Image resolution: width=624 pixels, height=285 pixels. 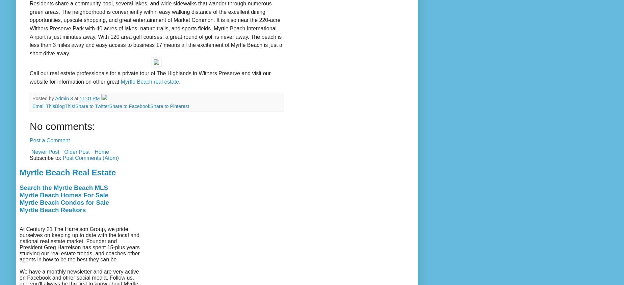 I want to click on 'Residents share a community pool, several lakes, and wide sidewalks that wander through numerous green areas. The neighborhood is conveniently within easy walking distance of the excellent dining opportunities, upscale shopping, and great entertainment of Market Common. It is also near the 220-acre Withers Preserve Park with 40 acres of lakes, nature trails, and sports fields. Myrtle Beach International Airport is just minutes away. With 120 area golf courses, a great round of golf is never away. The beach is less than 3 miles away and easy access to business 17 means all the excitement of Myrtle Beach is just a short drive away.', so click(x=156, y=28).